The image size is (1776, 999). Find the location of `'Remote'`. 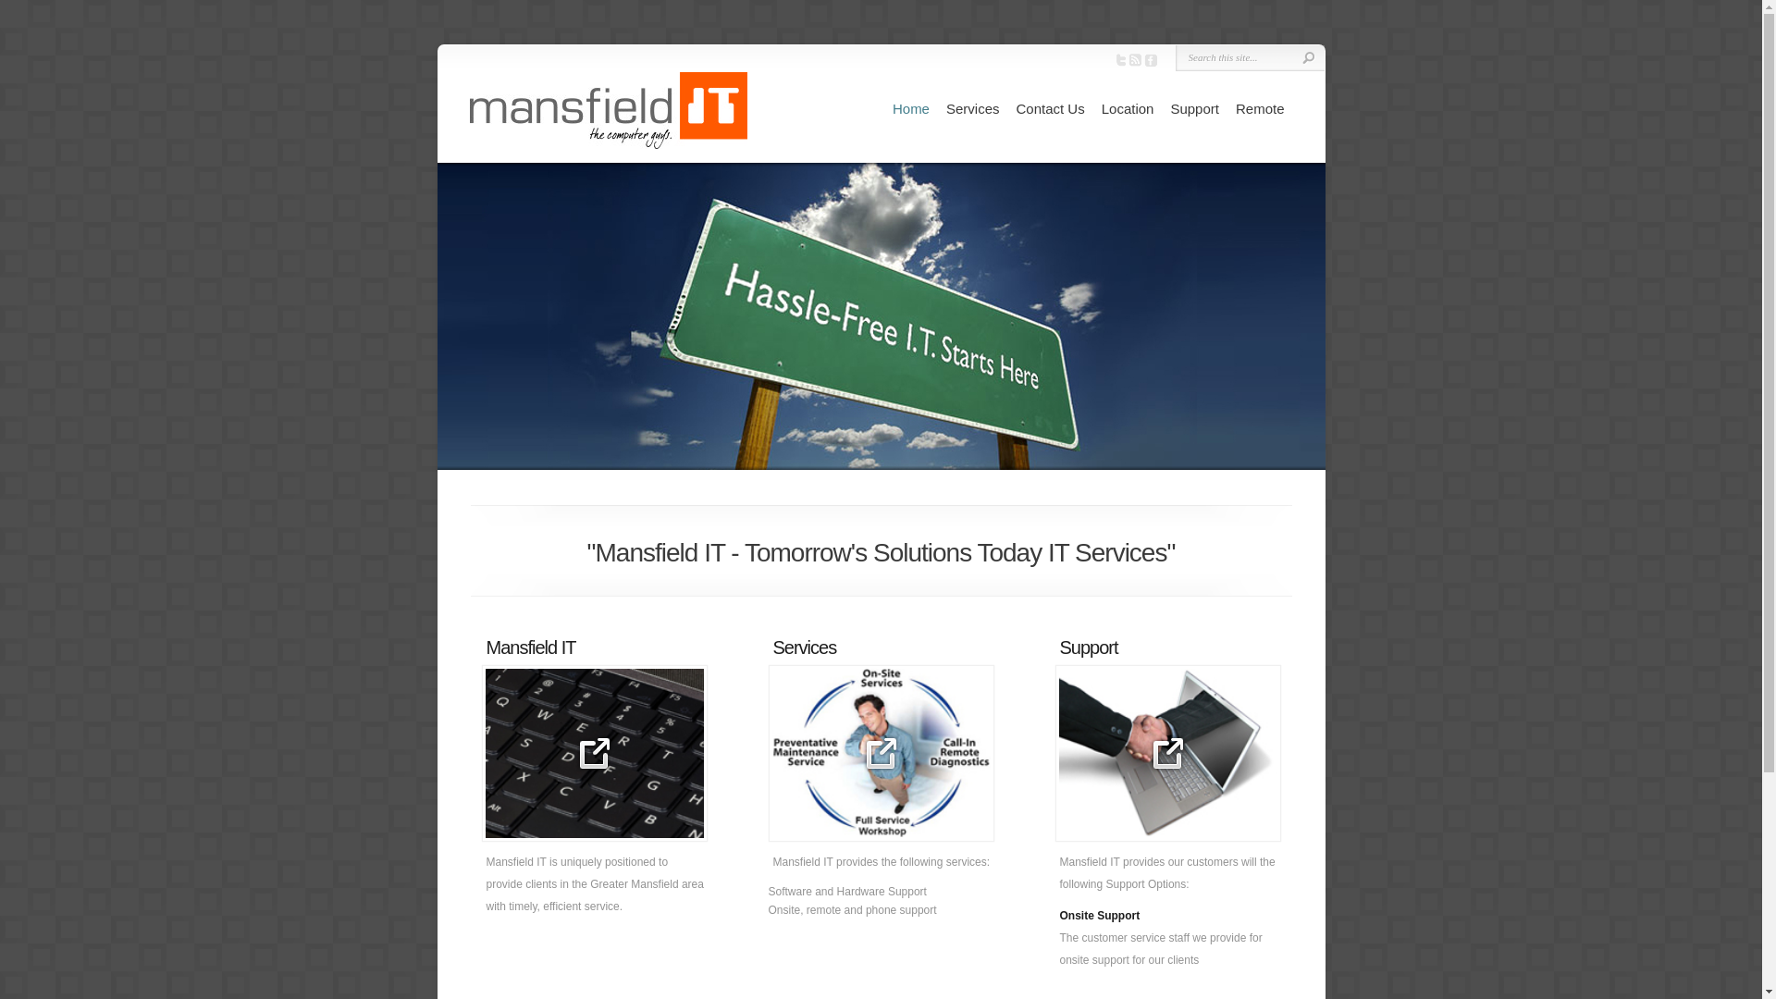

'Remote' is located at coordinates (1259, 109).